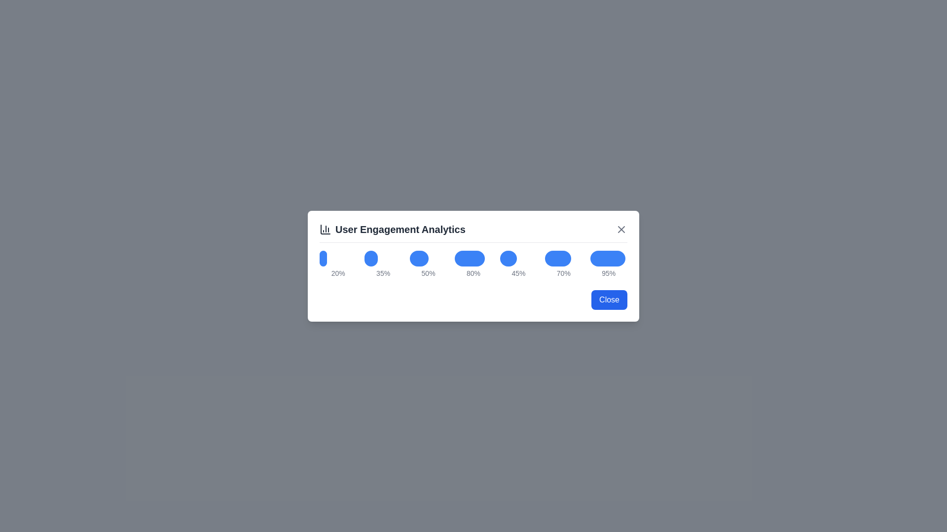  What do you see at coordinates (609, 299) in the screenshot?
I see `the 'Close' button to close the dialog` at bounding box center [609, 299].